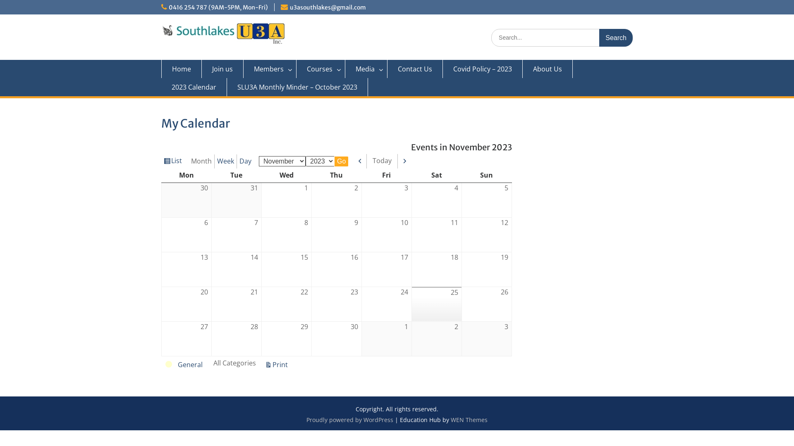 The width and height of the screenshot is (794, 446). What do you see at coordinates (616, 38) in the screenshot?
I see `'Search'` at bounding box center [616, 38].